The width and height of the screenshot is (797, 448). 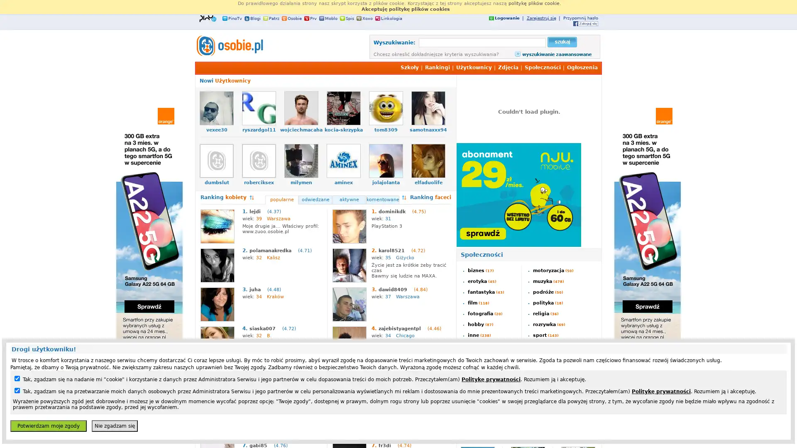 What do you see at coordinates (48, 426) in the screenshot?
I see `Potwierdzam moje zgody` at bounding box center [48, 426].